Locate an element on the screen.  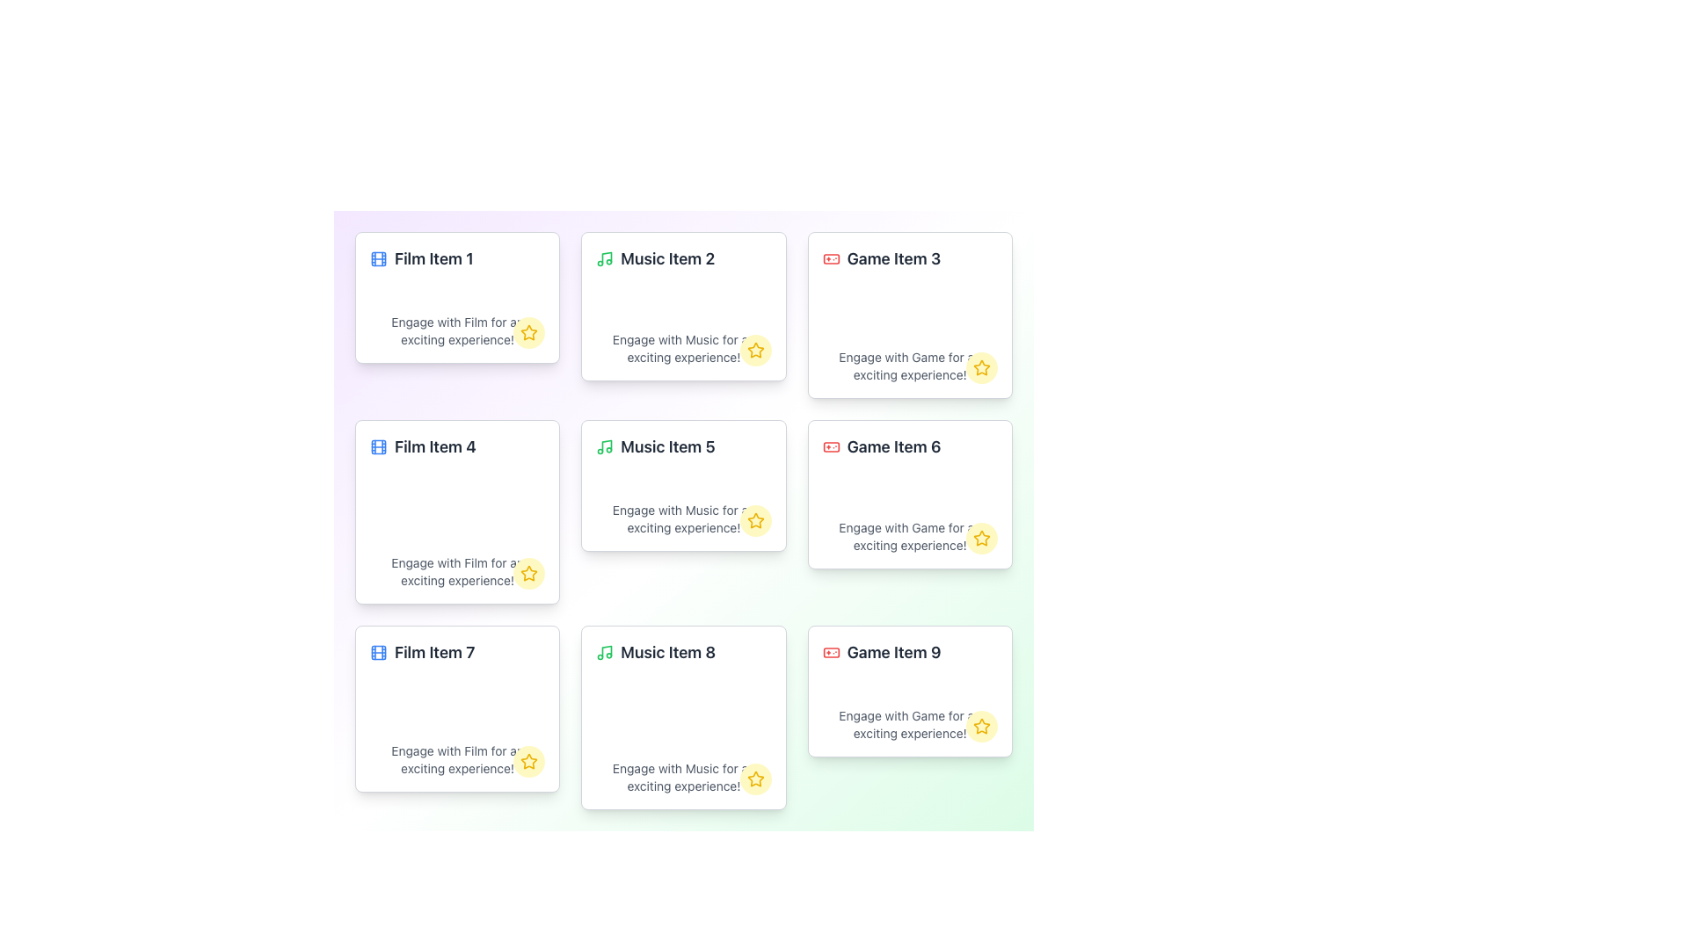
descriptive text located within the 'Game Item 9' card, positioned below the 'Game Item 9' title and above the star icon is located at coordinates (910, 725).